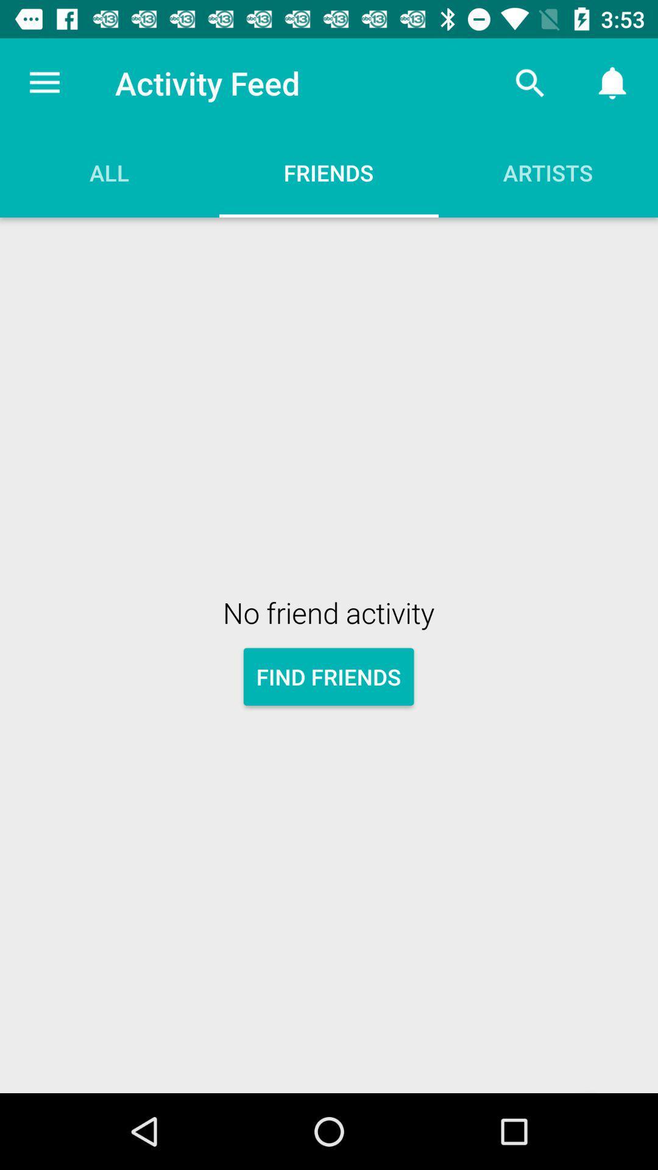 This screenshot has height=1170, width=658. Describe the element at coordinates (529, 82) in the screenshot. I see `icon next to the activity feed item` at that location.